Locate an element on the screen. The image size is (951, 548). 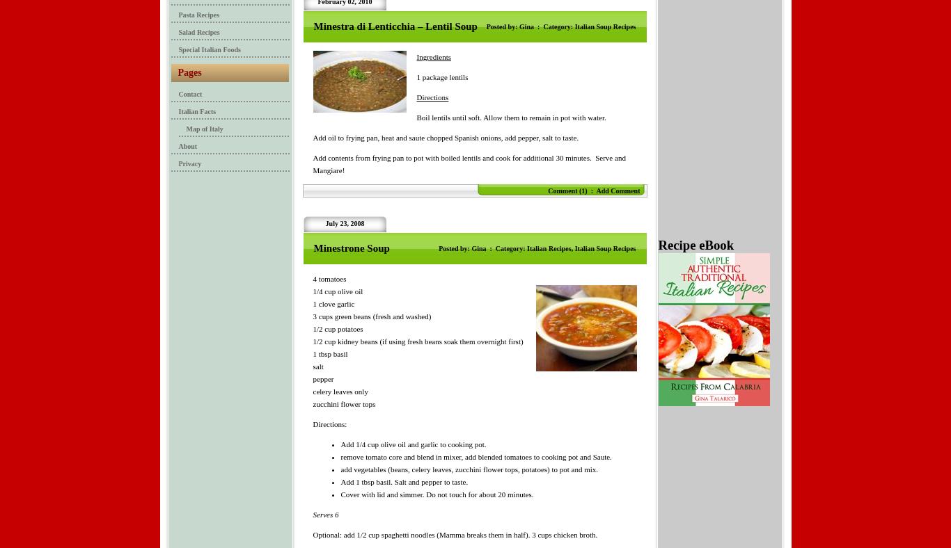
'Pages' is located at coordinates (189, 72).